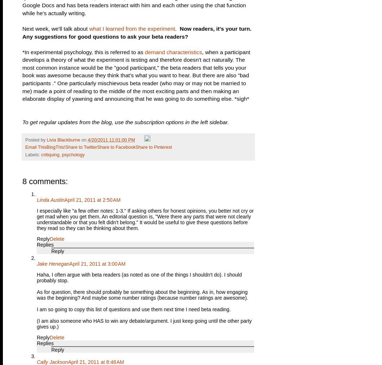 This screenshot has width=382, height=365. I want to click on '4/20/2011 11:01:00 PM', so click(110, 140).